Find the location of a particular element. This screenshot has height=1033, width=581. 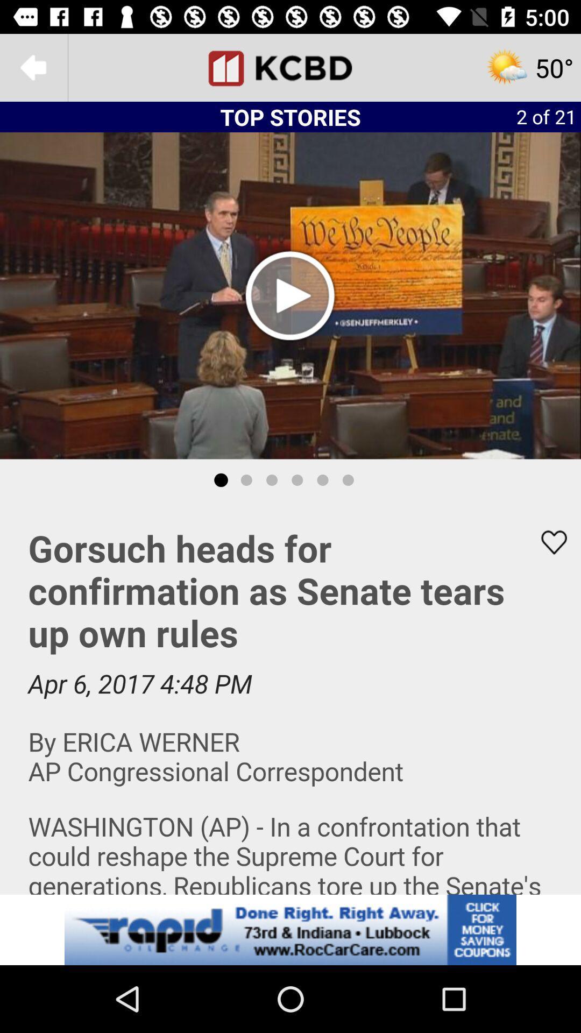

the favorite icon is located at coordinates (547, 542).